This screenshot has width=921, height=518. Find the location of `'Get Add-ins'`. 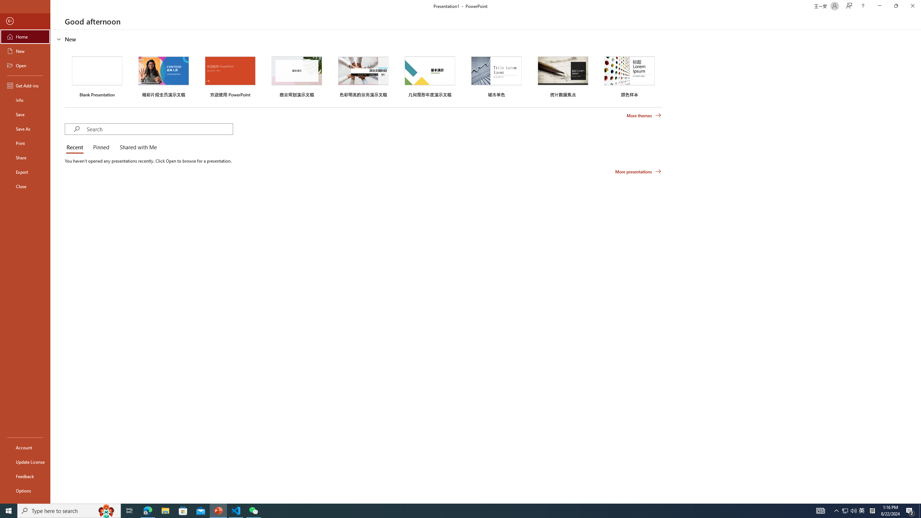

'Get Add-ins' is located at coordinates (25, 85).